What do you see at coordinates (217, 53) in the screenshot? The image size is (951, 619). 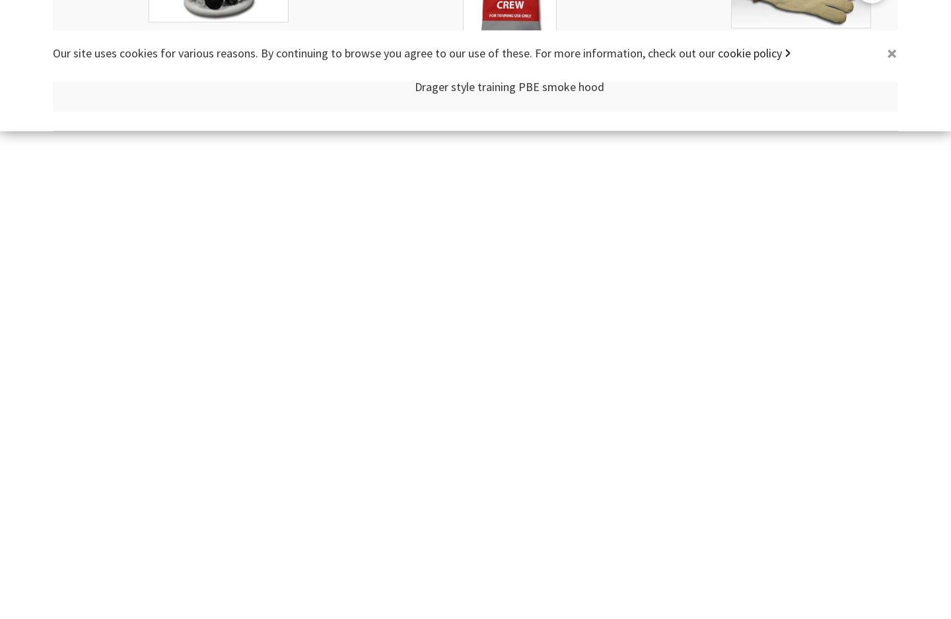 I see `'Air Liquide style training PBE smoke hood'` at bounding box center [217, 53].